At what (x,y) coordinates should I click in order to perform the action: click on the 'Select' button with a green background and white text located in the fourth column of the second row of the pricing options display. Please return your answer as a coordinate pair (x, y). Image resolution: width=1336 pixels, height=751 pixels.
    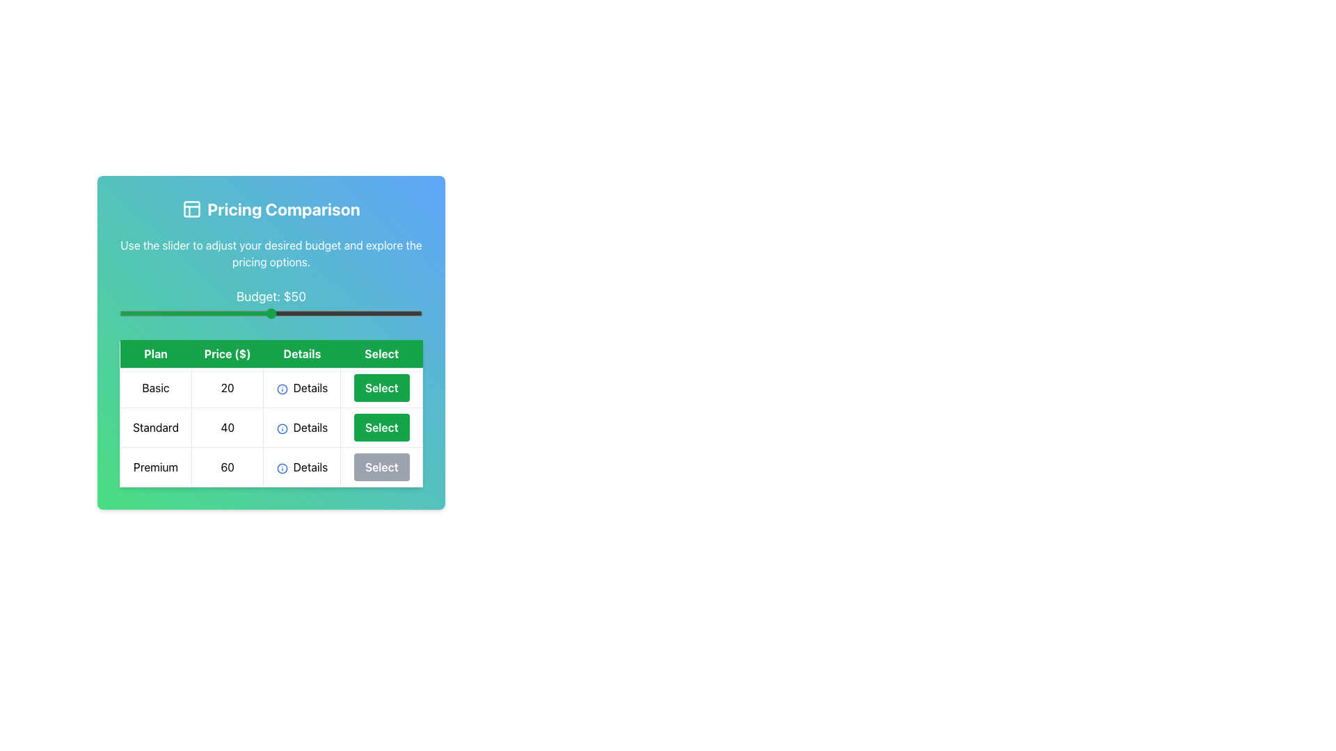
    Looking at the image, I should click on (381, 426).